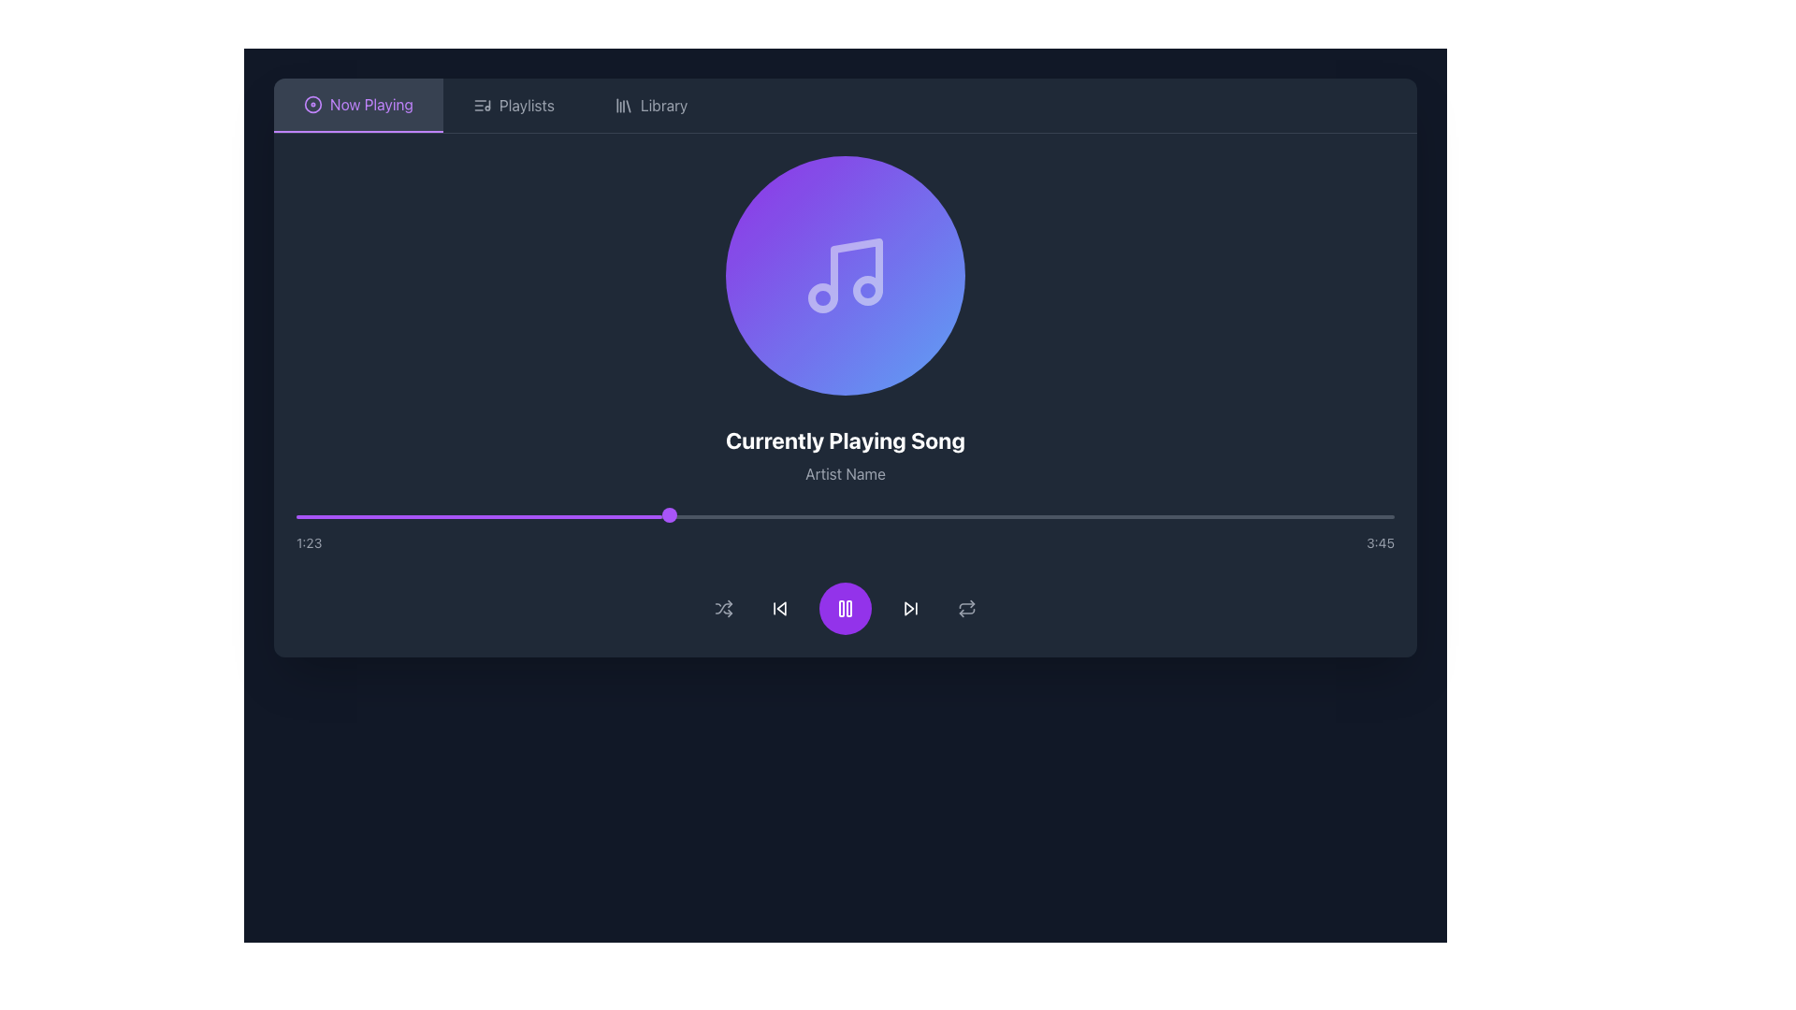  What do you see at coordinates (1283, 516) in the screenshot?
I see `the playback position` at bounding box center [1283, 516].